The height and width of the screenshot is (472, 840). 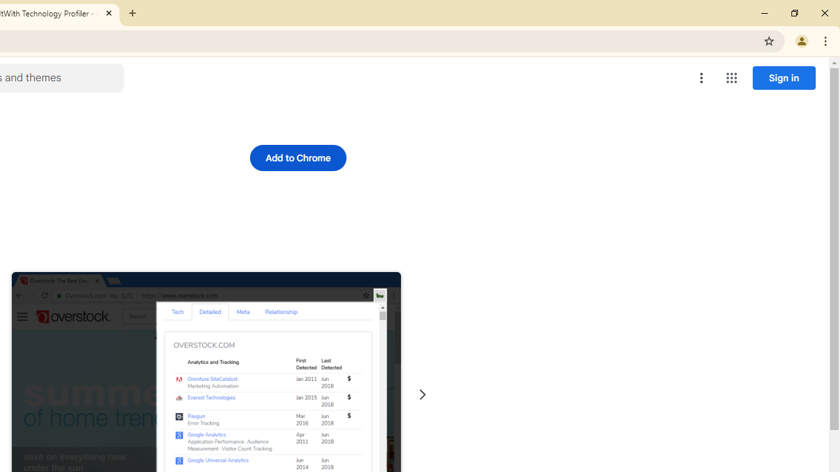 What do you see at coordinates (422, 394) in the screenshot?
I see `'Next slide'` at bounding box center [422, 394].